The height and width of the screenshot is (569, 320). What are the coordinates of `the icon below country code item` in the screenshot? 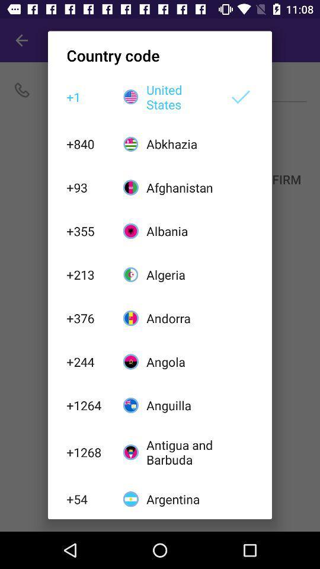 It's located at (181, 96).